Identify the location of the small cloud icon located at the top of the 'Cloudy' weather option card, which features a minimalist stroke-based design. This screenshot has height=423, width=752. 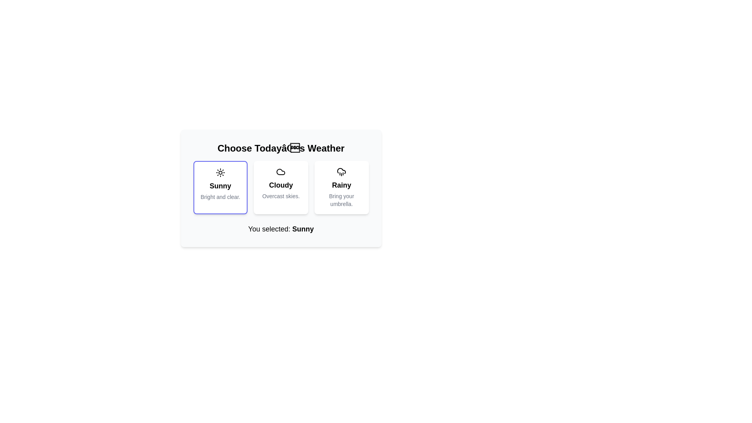
(281, 172).